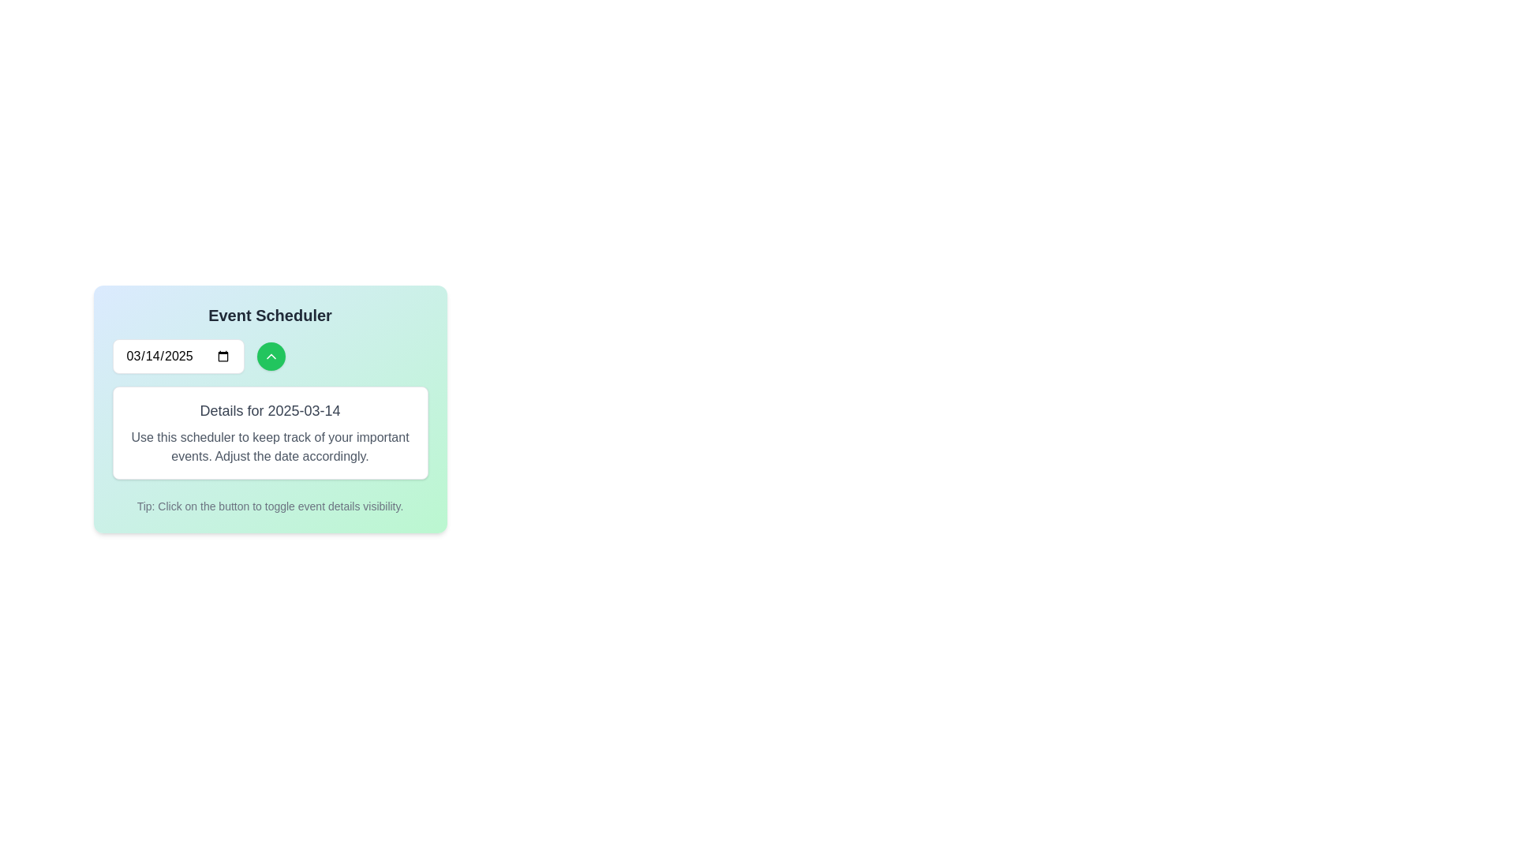 The image size is (1515, 852). Describe the element at coordinates (270, 447) in the screenshot. I see `static text block containing 'Use this scheduler to keep track of your important events. Adjust the date accordingly.' located below the heading 'Details for 2025-03-14'` at that location.